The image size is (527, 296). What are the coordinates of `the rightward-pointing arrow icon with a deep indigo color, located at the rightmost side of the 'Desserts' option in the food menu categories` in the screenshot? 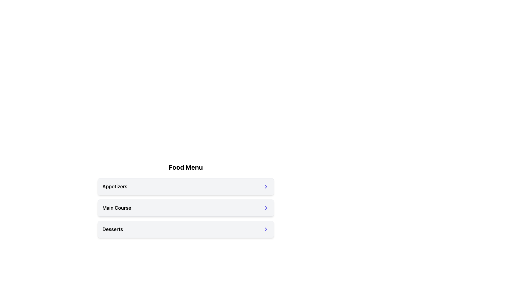 It's located at (266, 229).